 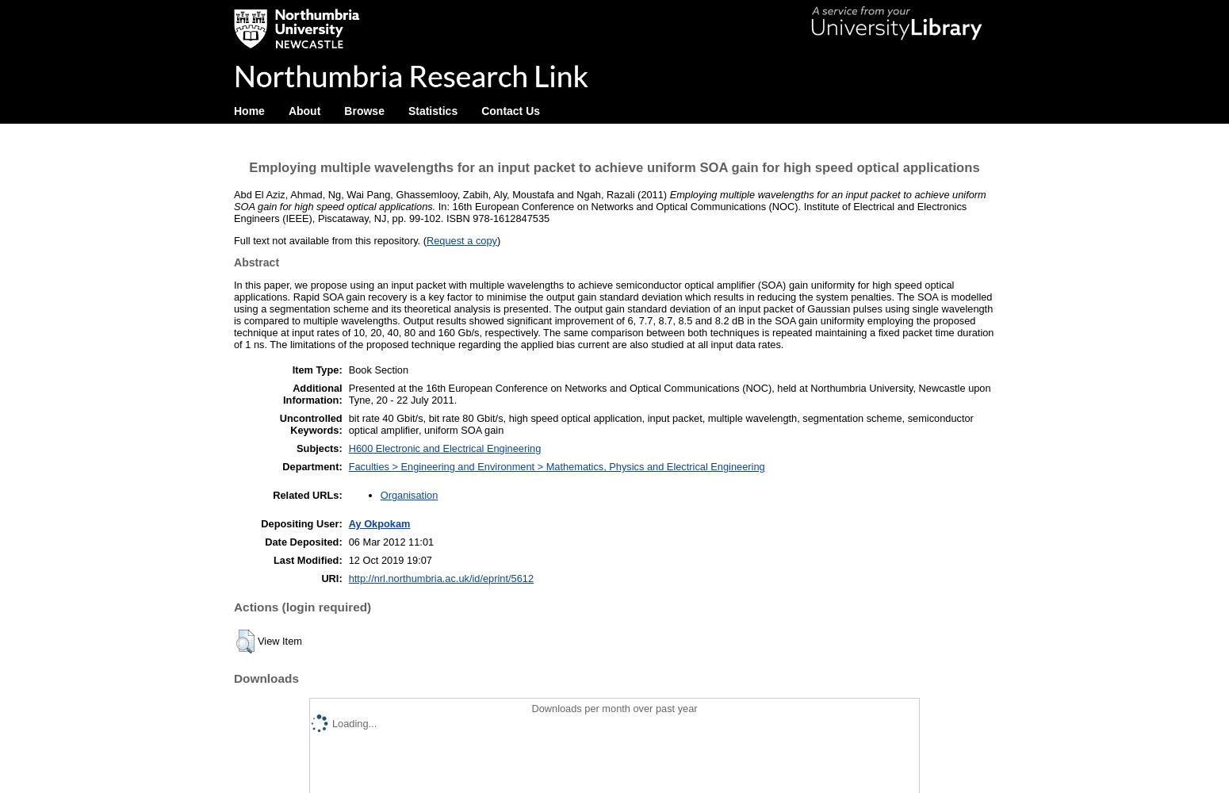 What do you see at coordinates (233, 201) in the screenshot?
I see `'Employing multiple wavelengths for an input packet to achieve uniform SOA gain for high speed optical applications.'` at bounding box center [233, 201].